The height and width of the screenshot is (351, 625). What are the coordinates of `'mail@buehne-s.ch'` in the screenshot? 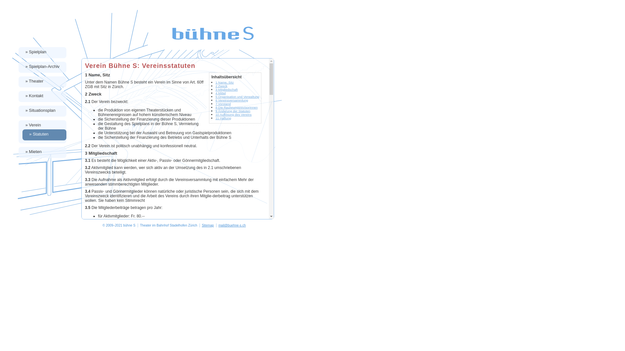 It's located at (218, 225).